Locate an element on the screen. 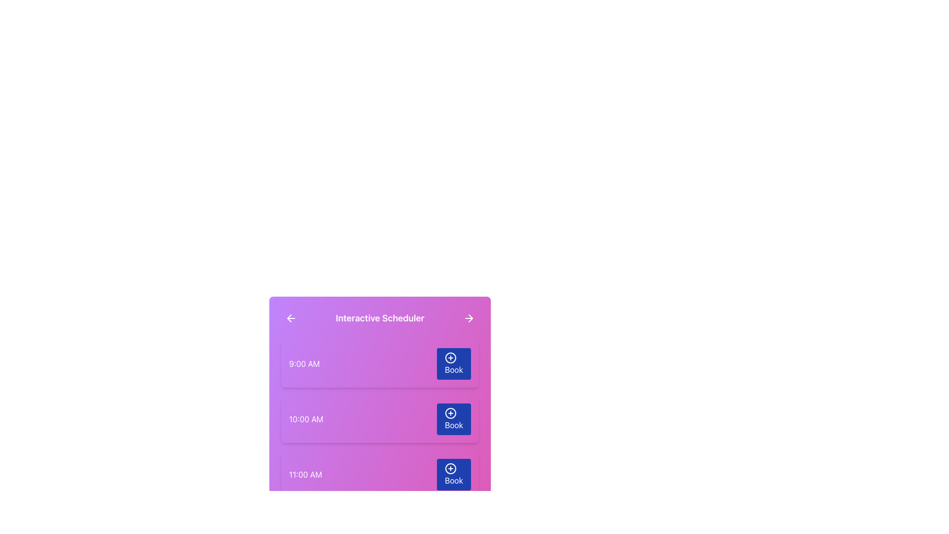 This screenshot has width=949, height=534. the SVG Circle that is part of the booking icon located in the topmost booking option under '9:00 AM', positioned to the right side of the text is located at coordinates (450, 358).